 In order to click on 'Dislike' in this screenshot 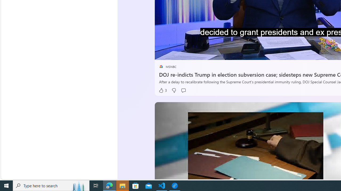, I will do `click(174, 90)`.